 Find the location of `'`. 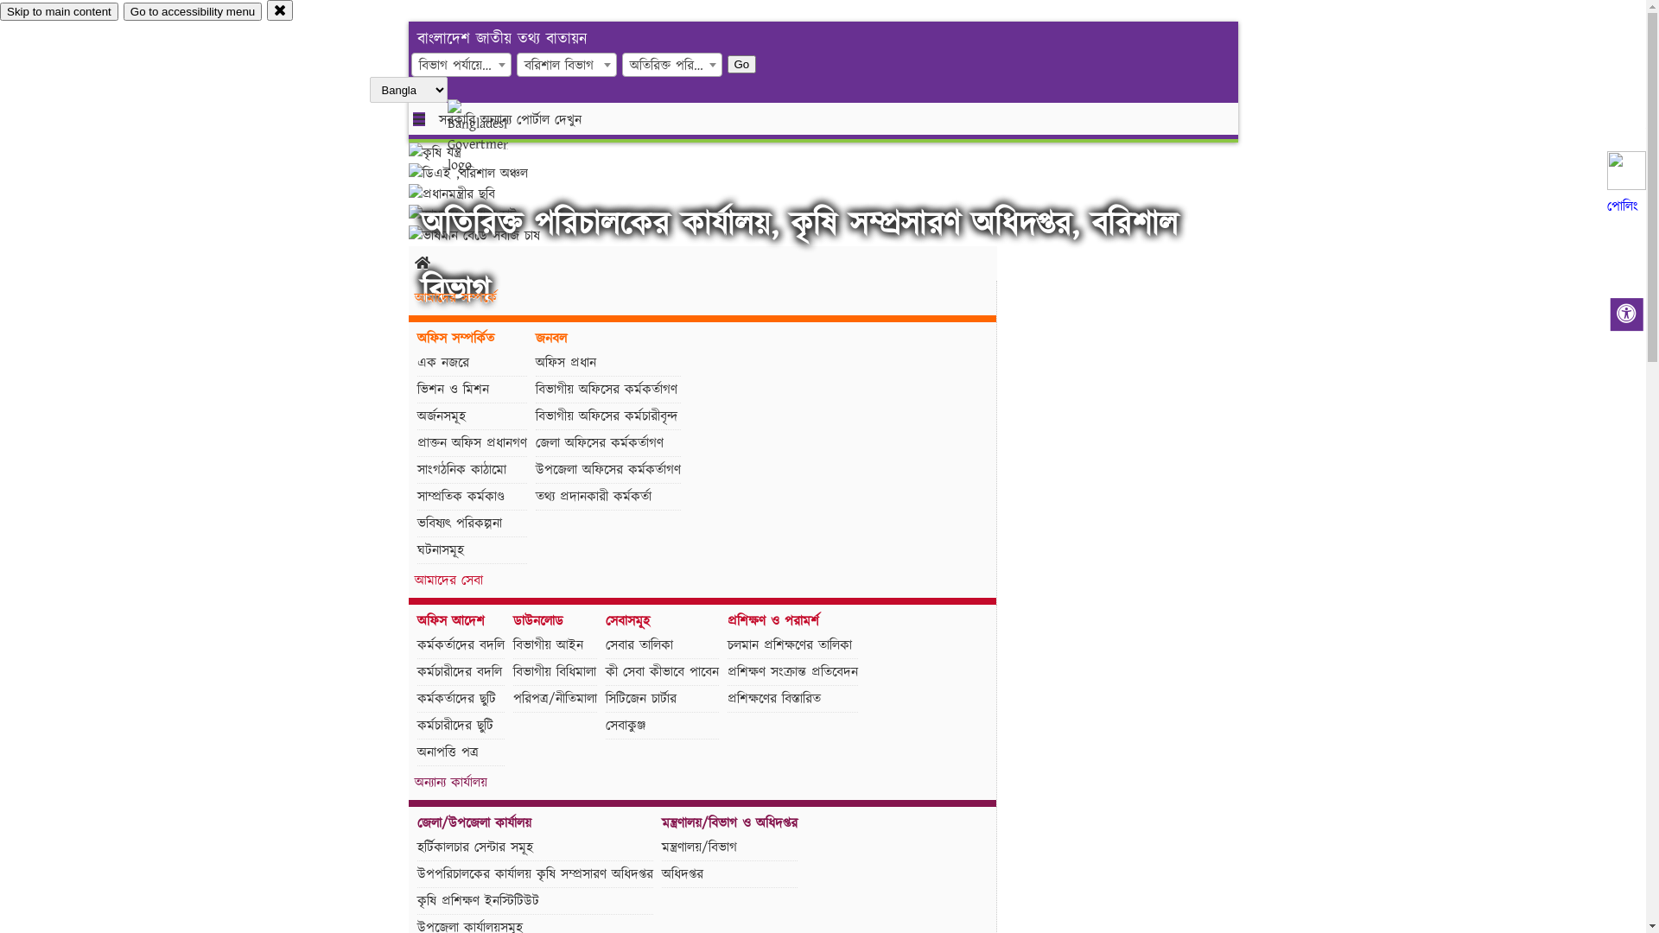

' is located at coordinates (492, 136).